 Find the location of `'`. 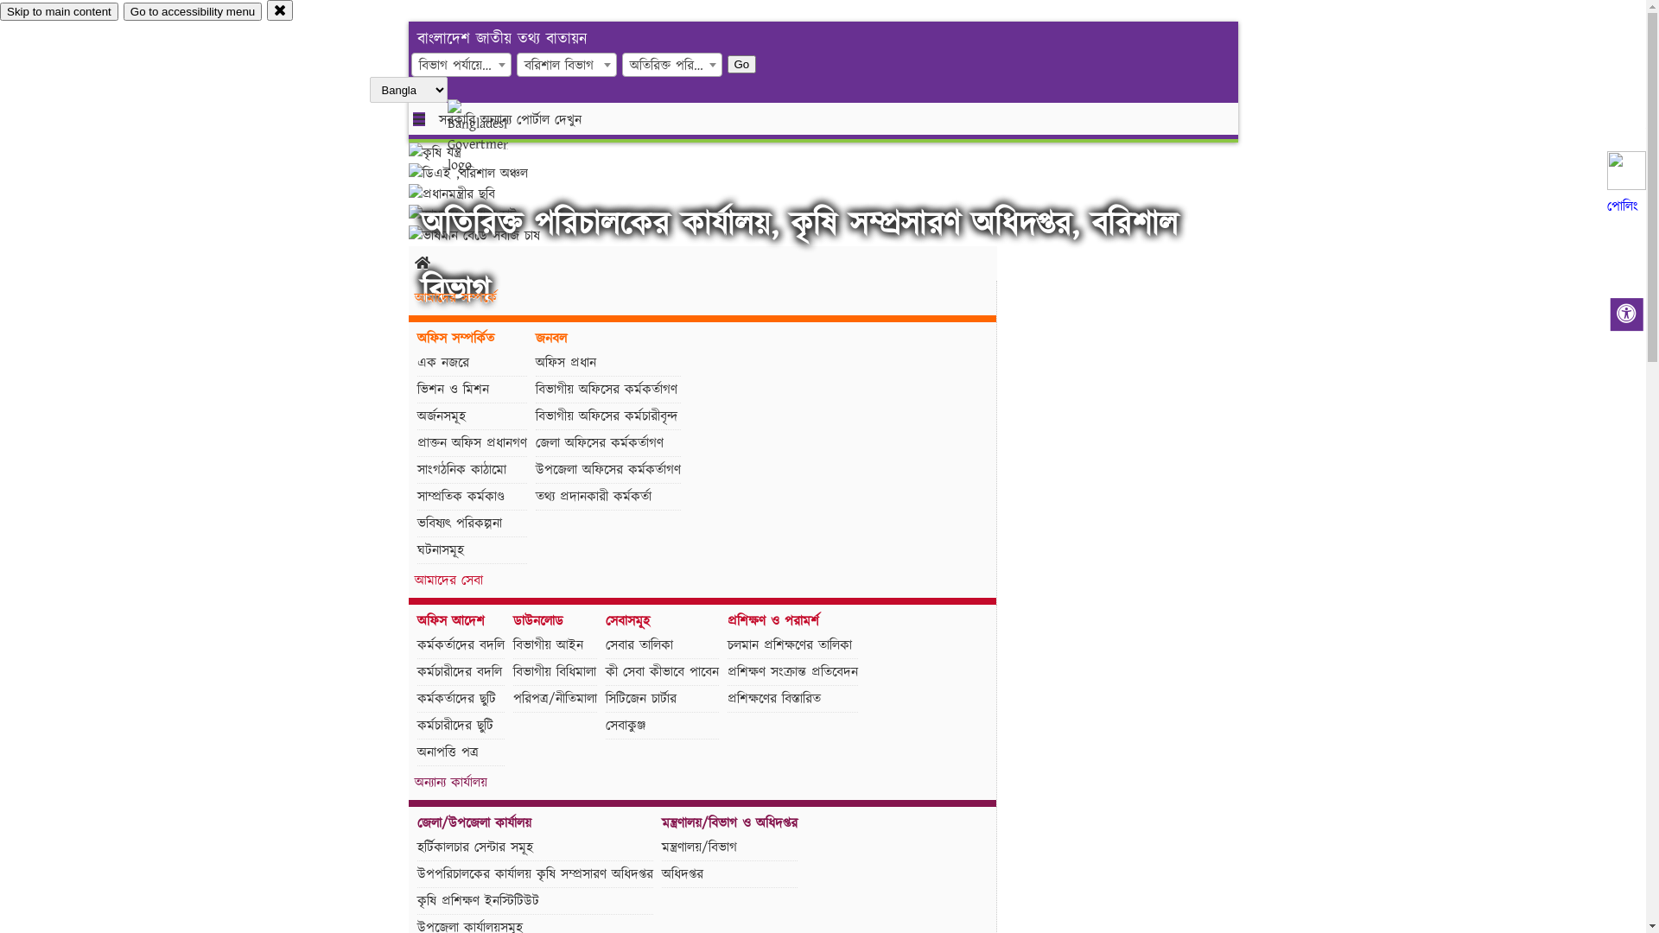

' is located at coordinates (492, 136).